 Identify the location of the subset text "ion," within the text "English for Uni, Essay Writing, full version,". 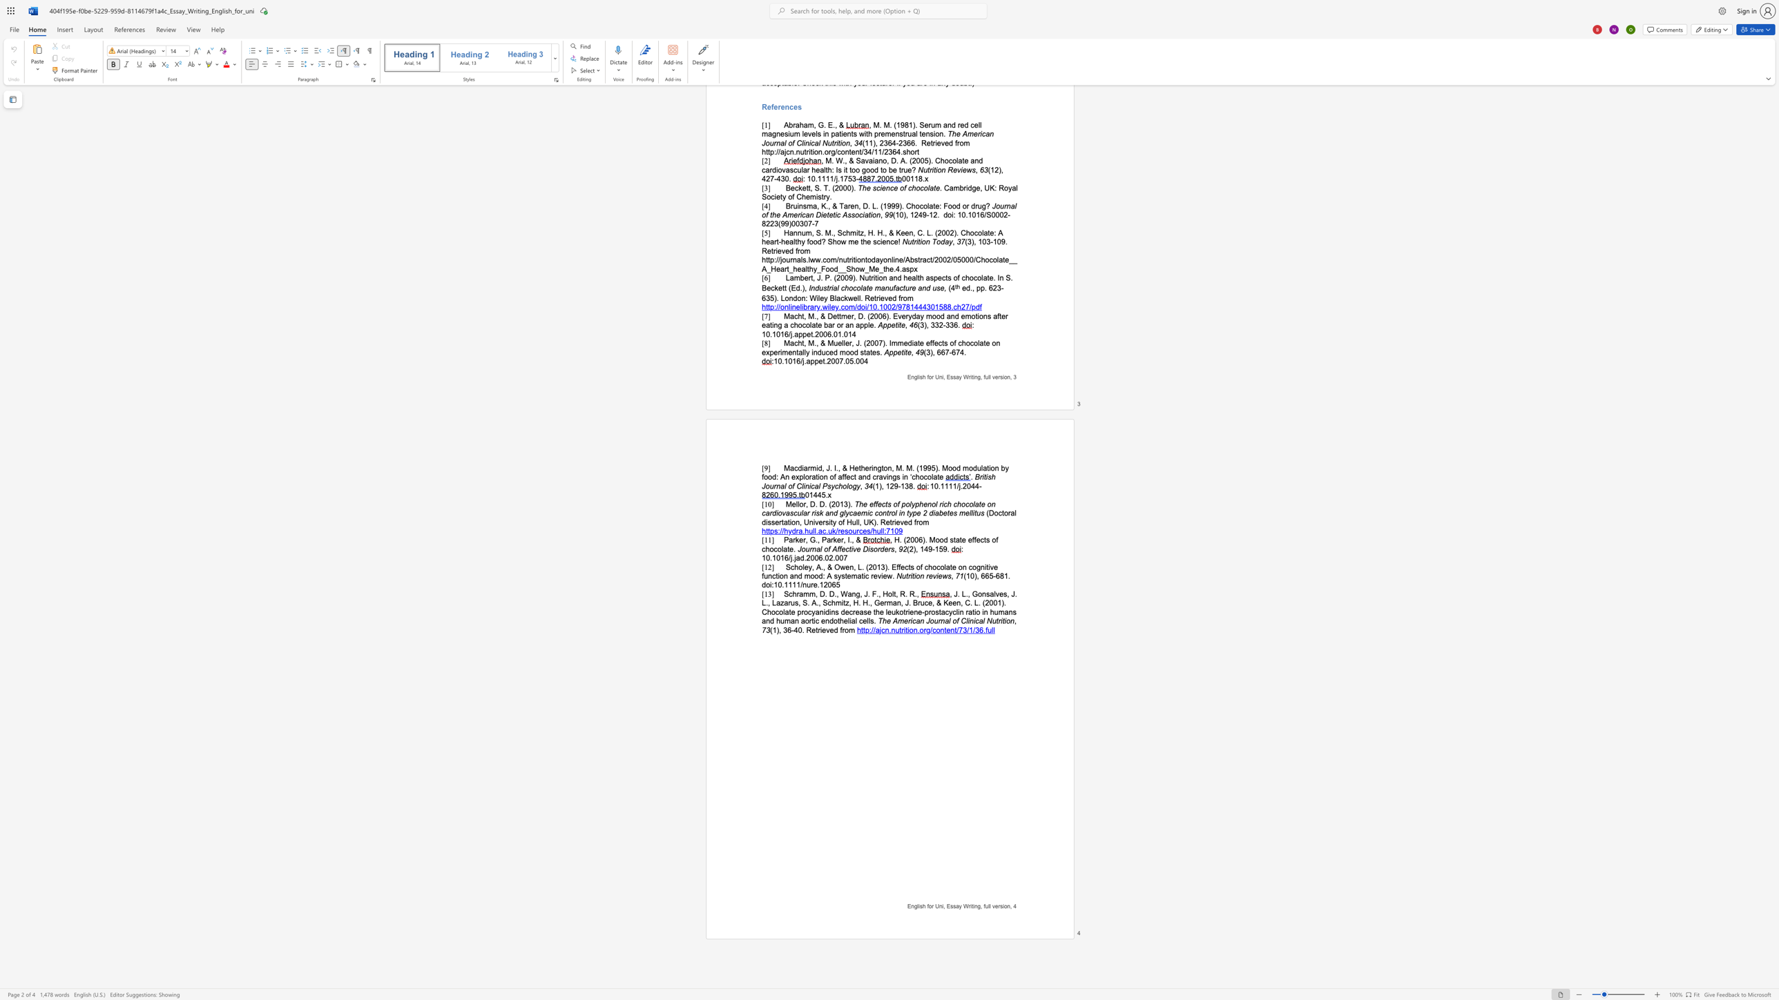
(1001, 906).